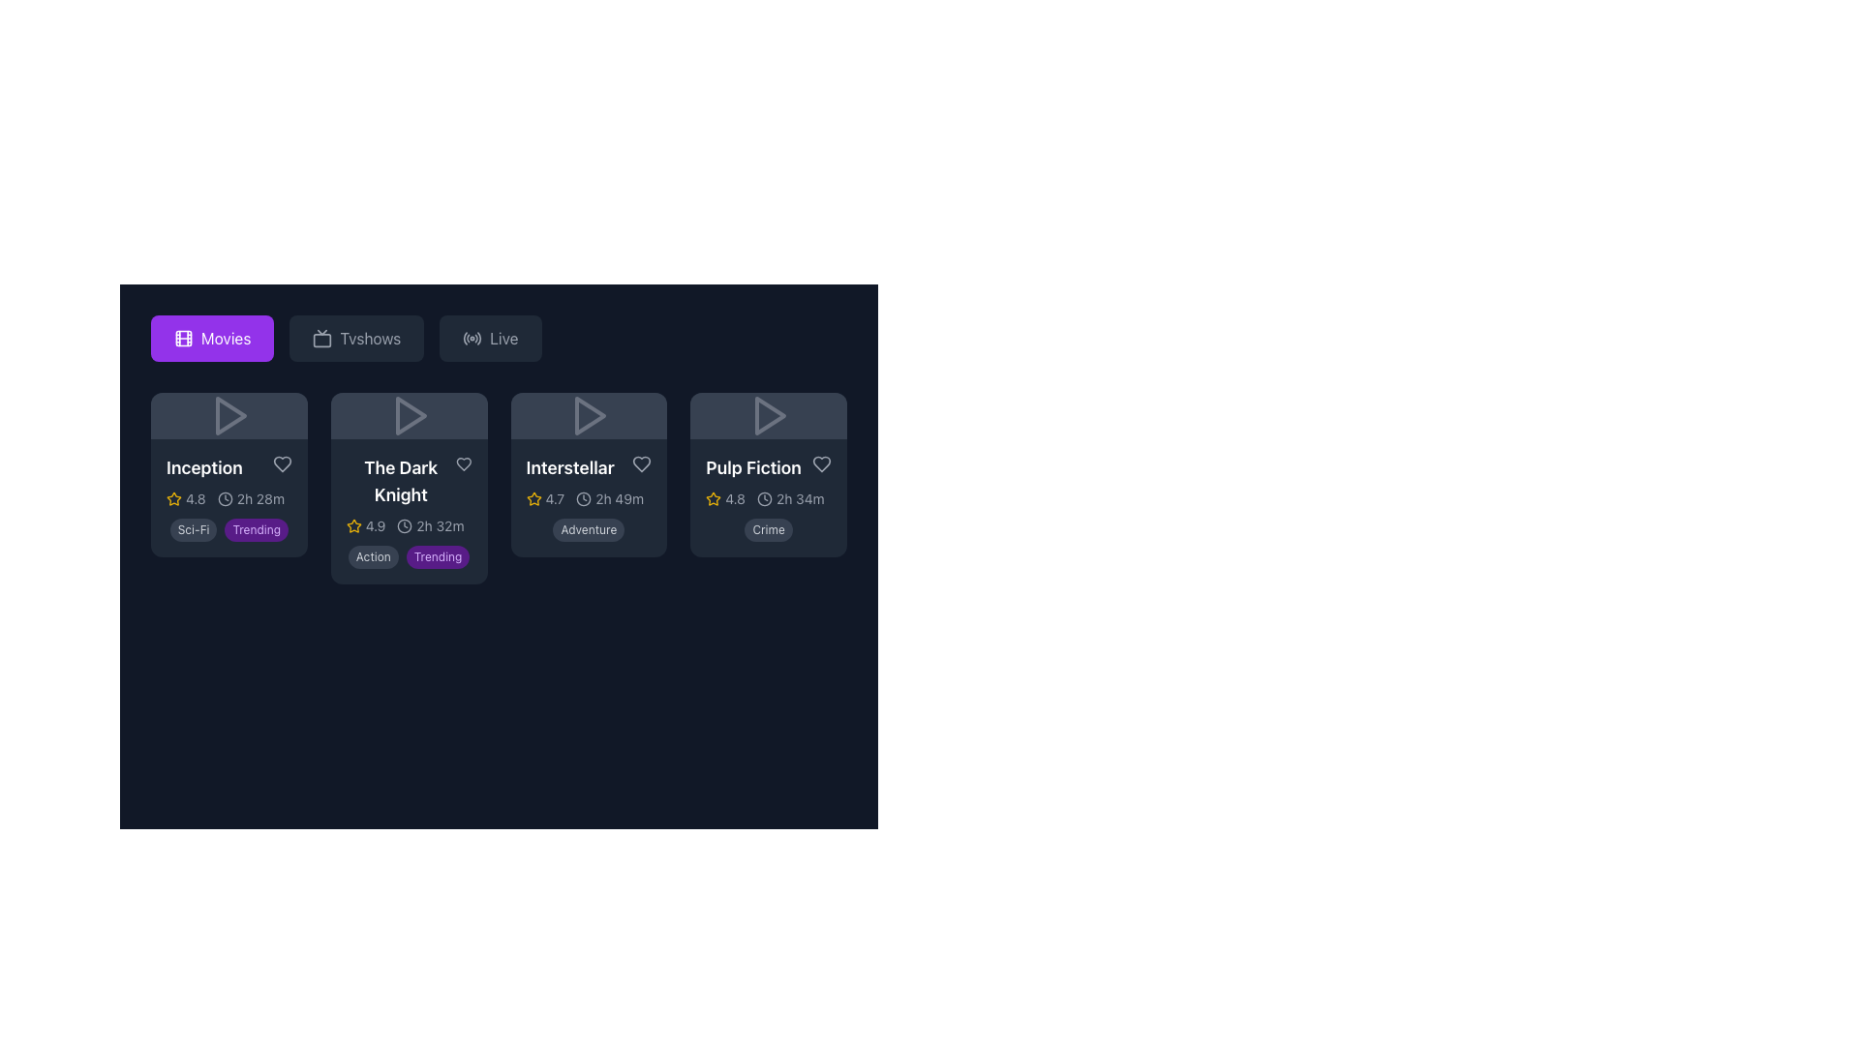 Image resolution: width=1859 pixels, height=1045 pixels. What do you see at coordinates (408, 414) in the screenshot?
I see `the Play Symbol icon for 'The Dark Knight' to trigger a visual or interactive response` at bounding box center [408, 414].